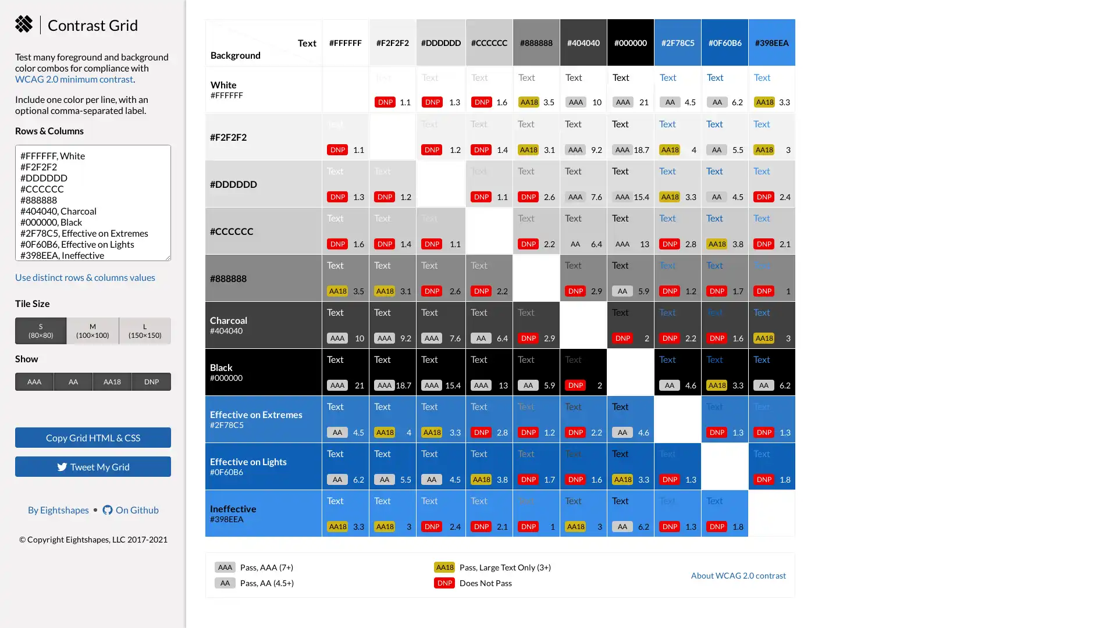 Image resolution: width=1117 pixels, height=628 pixels. What do you see at coordinates (92, 437) in the screenshot?
I see `Copy Grid HTML & CSS` at bounding box center [92, 437].